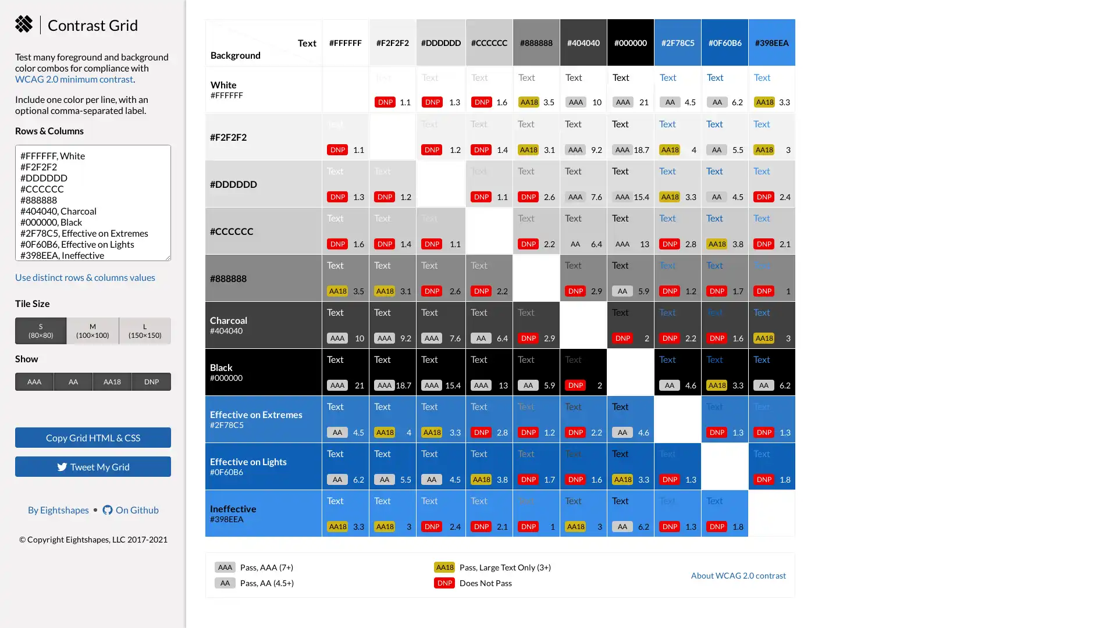 Image resolution: width=1117 pixels, height=628 pixels. What do you see at coordinates (92, 437) in the screenshot?
I see `Copy Grid HTML & CSS` at bounding box center [92, 437].